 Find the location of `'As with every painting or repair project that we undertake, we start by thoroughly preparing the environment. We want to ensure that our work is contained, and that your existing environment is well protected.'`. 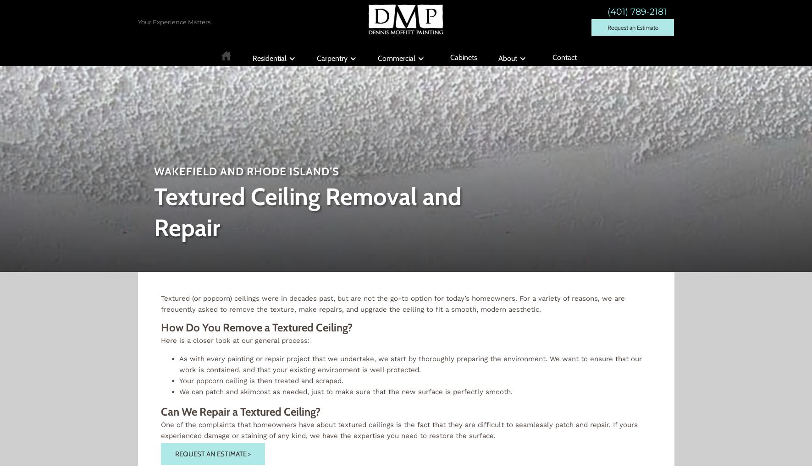

'As with every painting or repair project that we undertake, we start by thoroughly preparing the environment. We want to ensure that our work is contained, and that your existing environment is well protected.' is located at coordinates (410, 364).